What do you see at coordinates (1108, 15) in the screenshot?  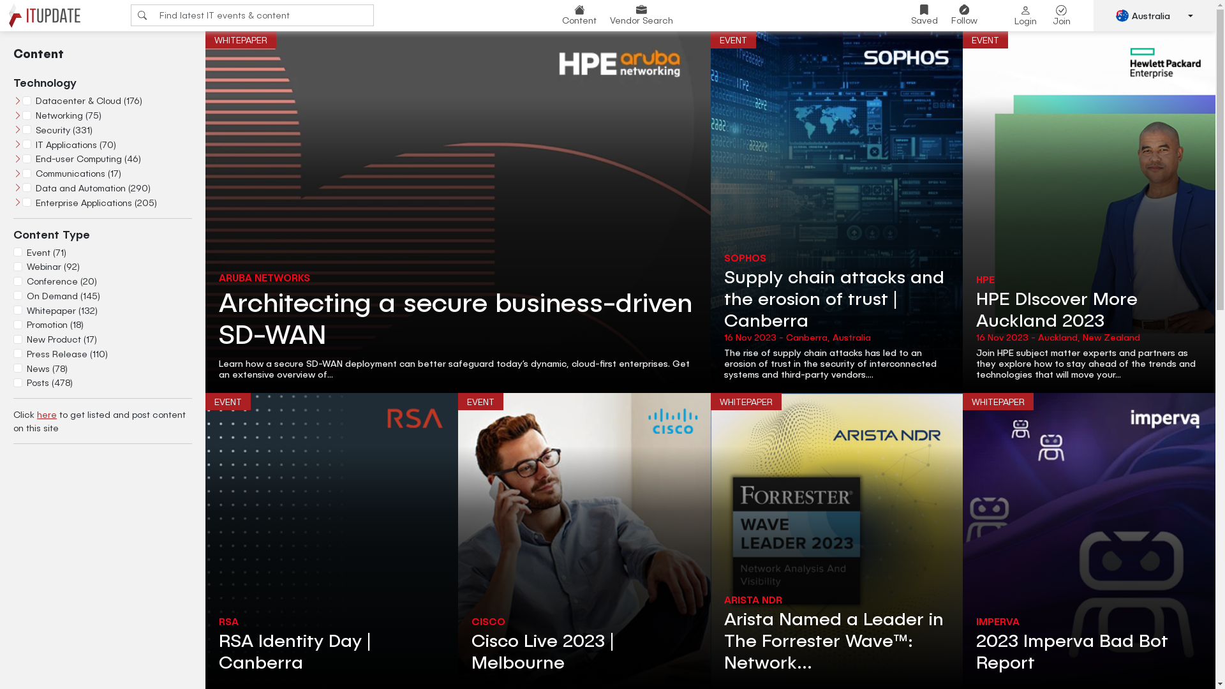 I see `'Australia'` at bounding box center [1108, 15].